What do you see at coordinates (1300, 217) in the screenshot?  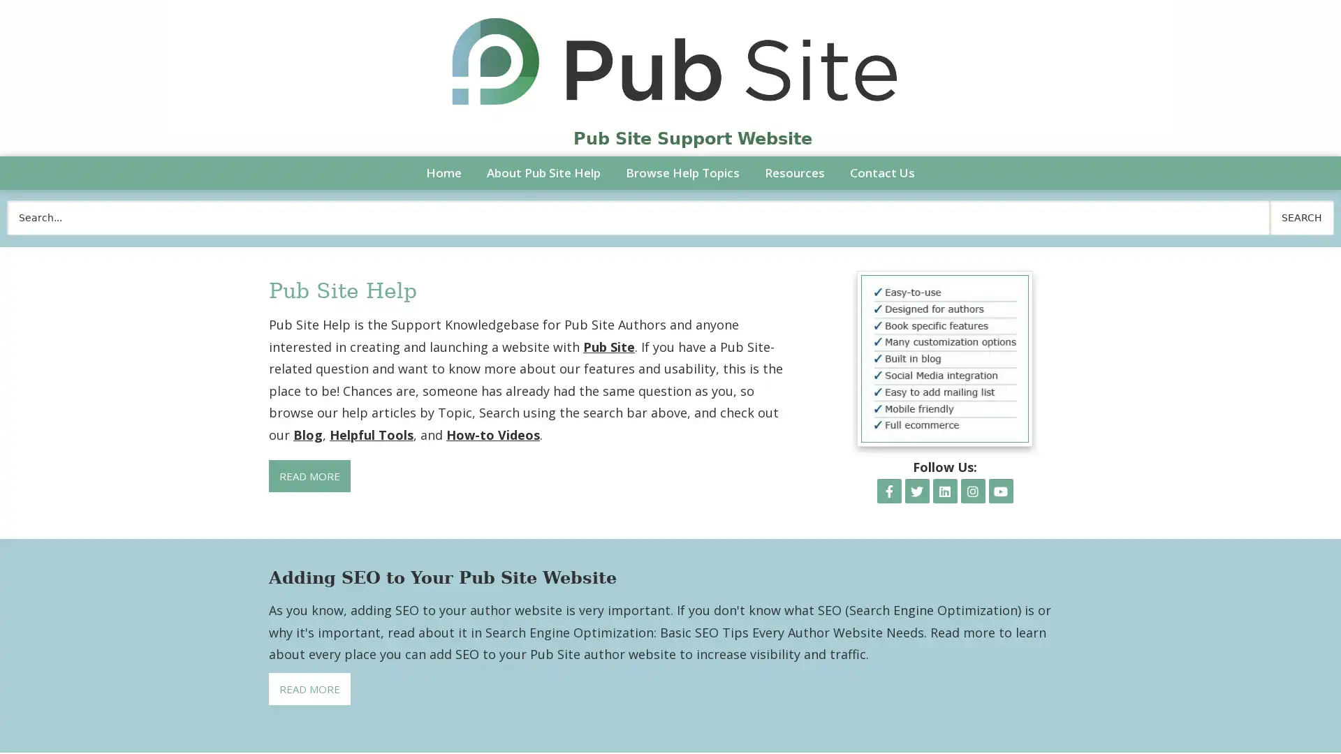 I see `Search` at bounding box center [1300, 217].